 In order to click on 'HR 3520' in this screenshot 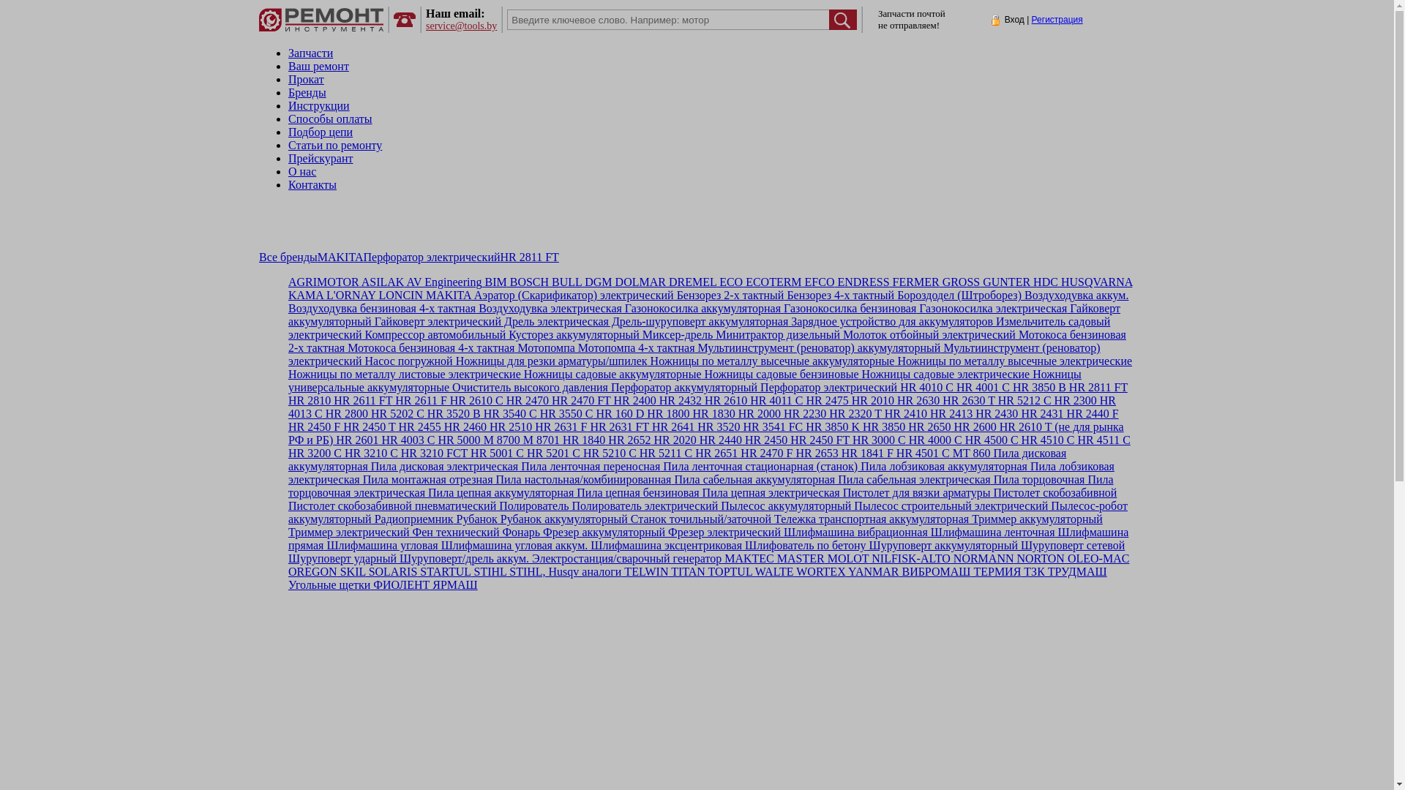, I will do `click(716, 426)`.